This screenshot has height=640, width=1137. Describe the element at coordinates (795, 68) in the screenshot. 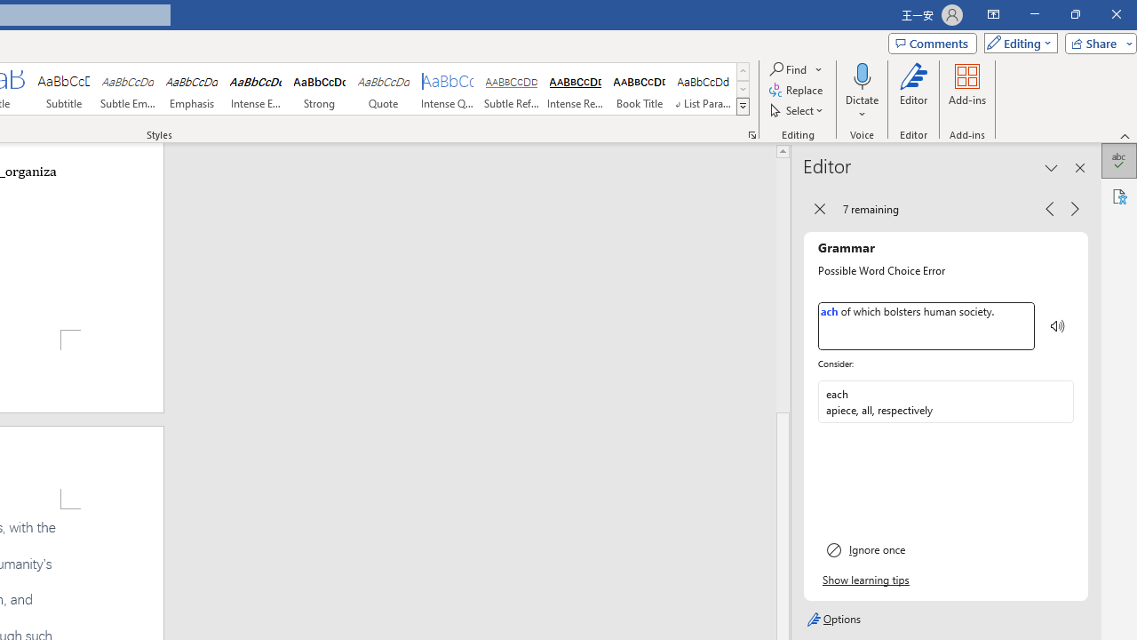

I see `'Find'` at that location.